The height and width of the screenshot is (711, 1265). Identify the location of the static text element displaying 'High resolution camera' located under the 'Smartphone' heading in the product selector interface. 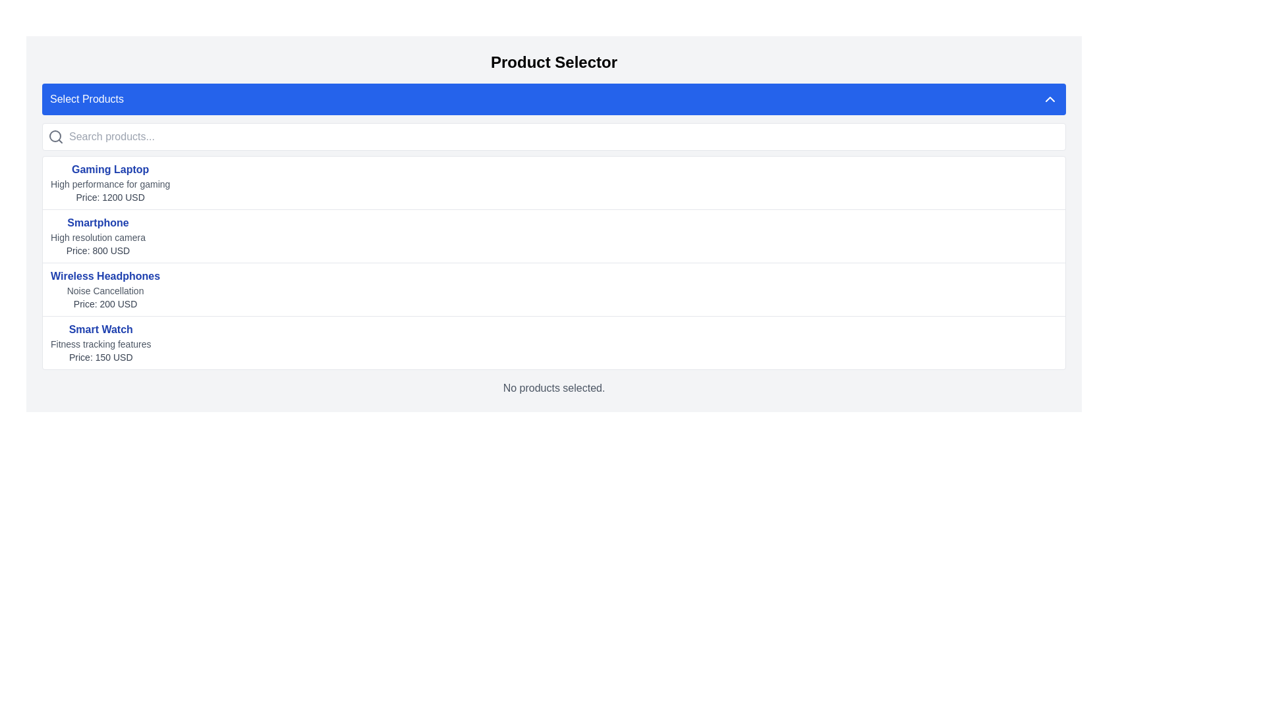
(97, 238).